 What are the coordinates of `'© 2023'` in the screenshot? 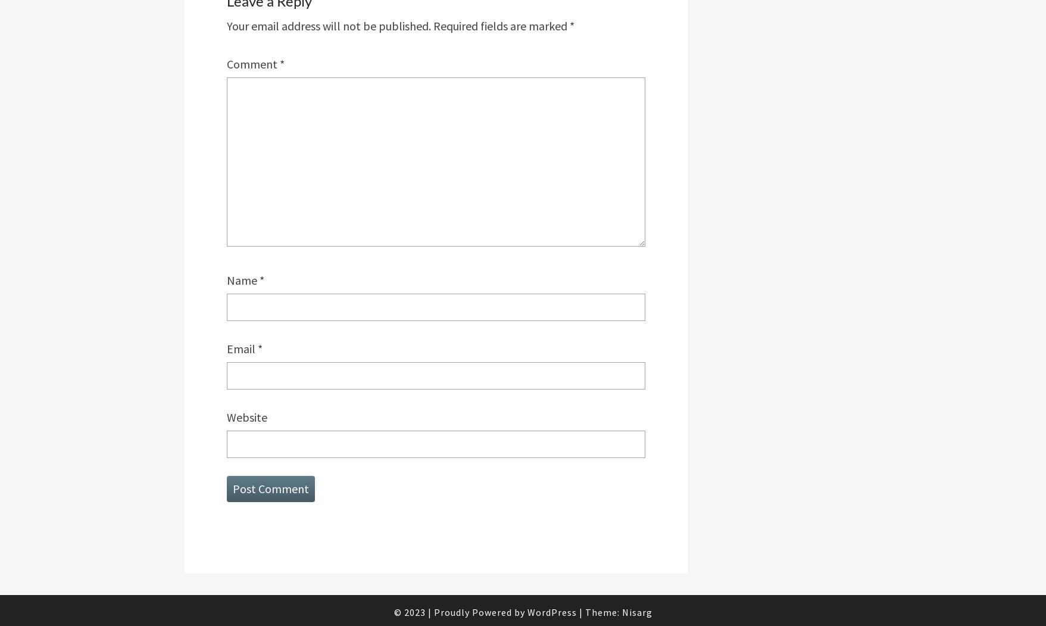 It's located at (410, 611).